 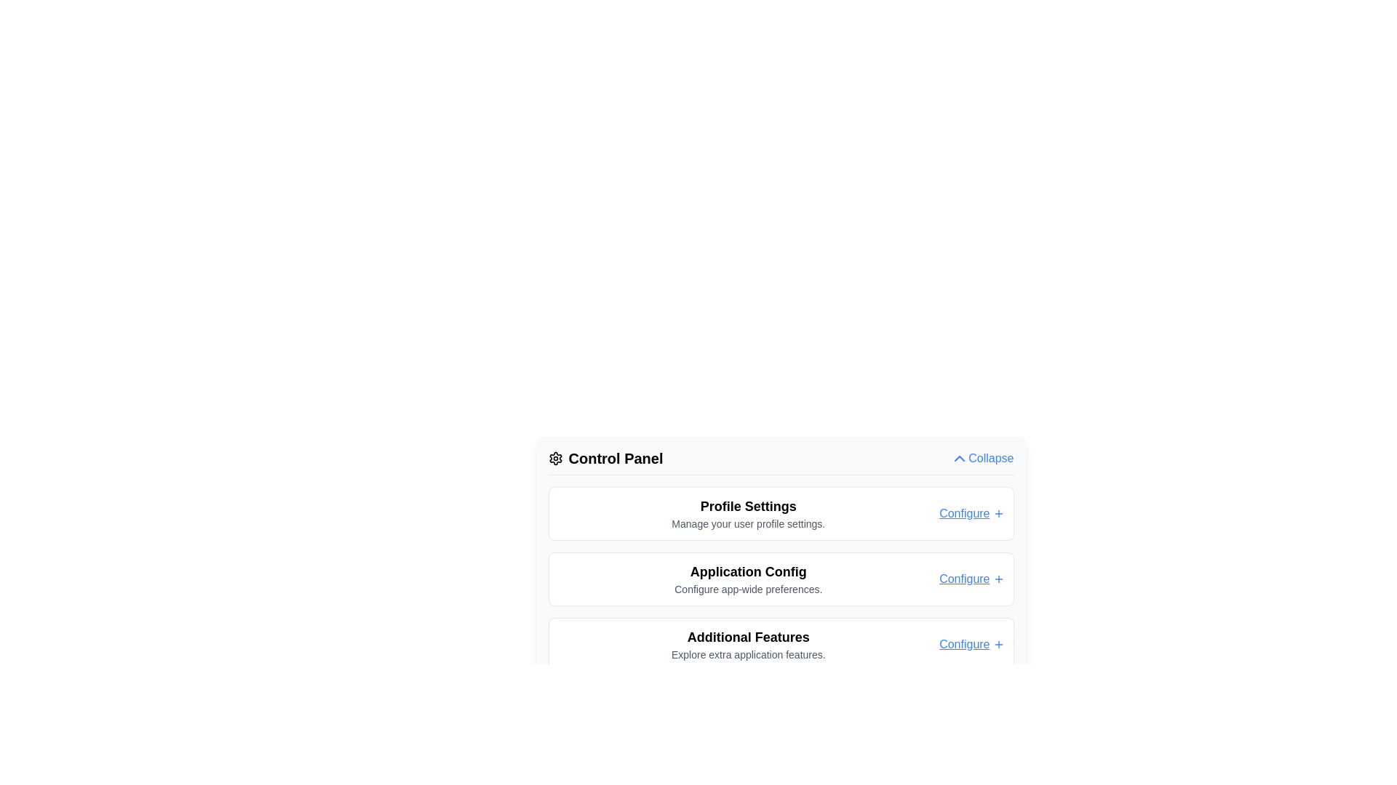 I want to click on the hyperlinked text 'Configure+' located, so click(x=971, y=512).